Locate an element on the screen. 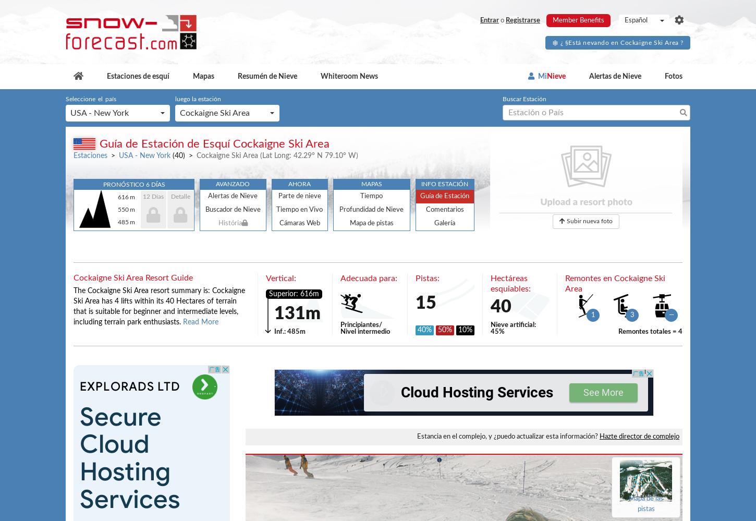 Image resolution: width=756 pixels, height=521 pixels. ')' is located at coordinates (356, 155).